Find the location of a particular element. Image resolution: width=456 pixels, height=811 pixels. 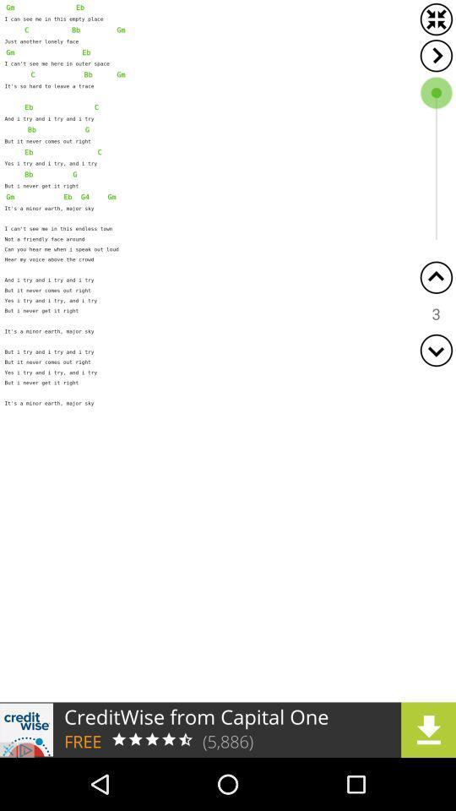

back ward is located at coordinates (436, 277).